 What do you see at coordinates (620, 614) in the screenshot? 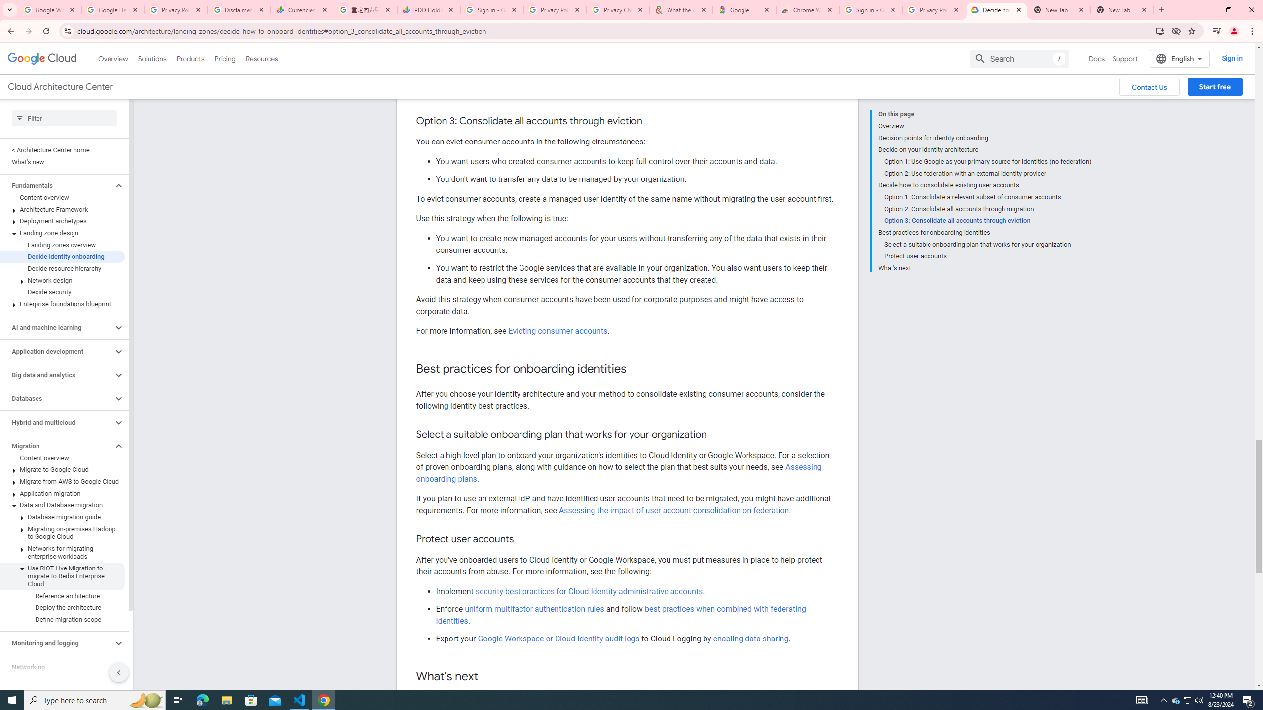
I see `'best practices when combined with federating identities'` at bounding box center [620, 614].